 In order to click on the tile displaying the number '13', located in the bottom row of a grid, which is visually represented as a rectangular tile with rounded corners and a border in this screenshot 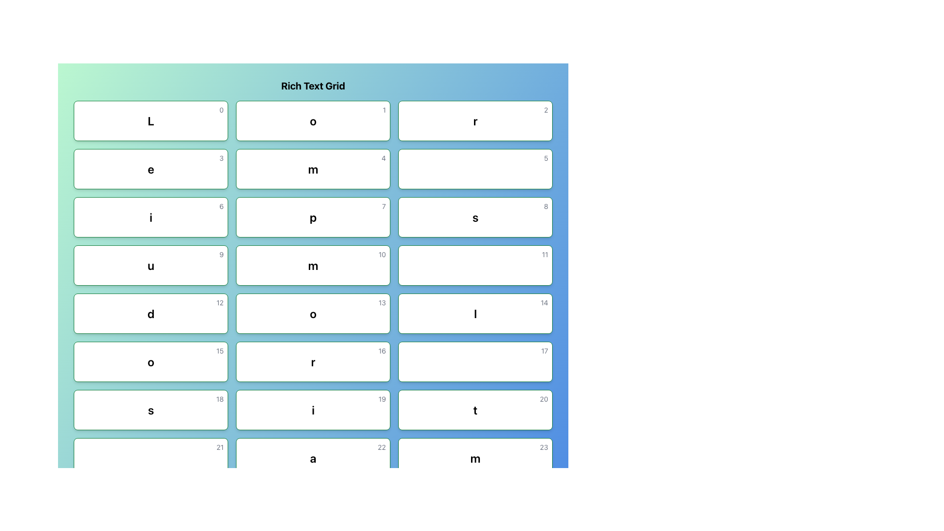, I will do `click(313, 313)`.